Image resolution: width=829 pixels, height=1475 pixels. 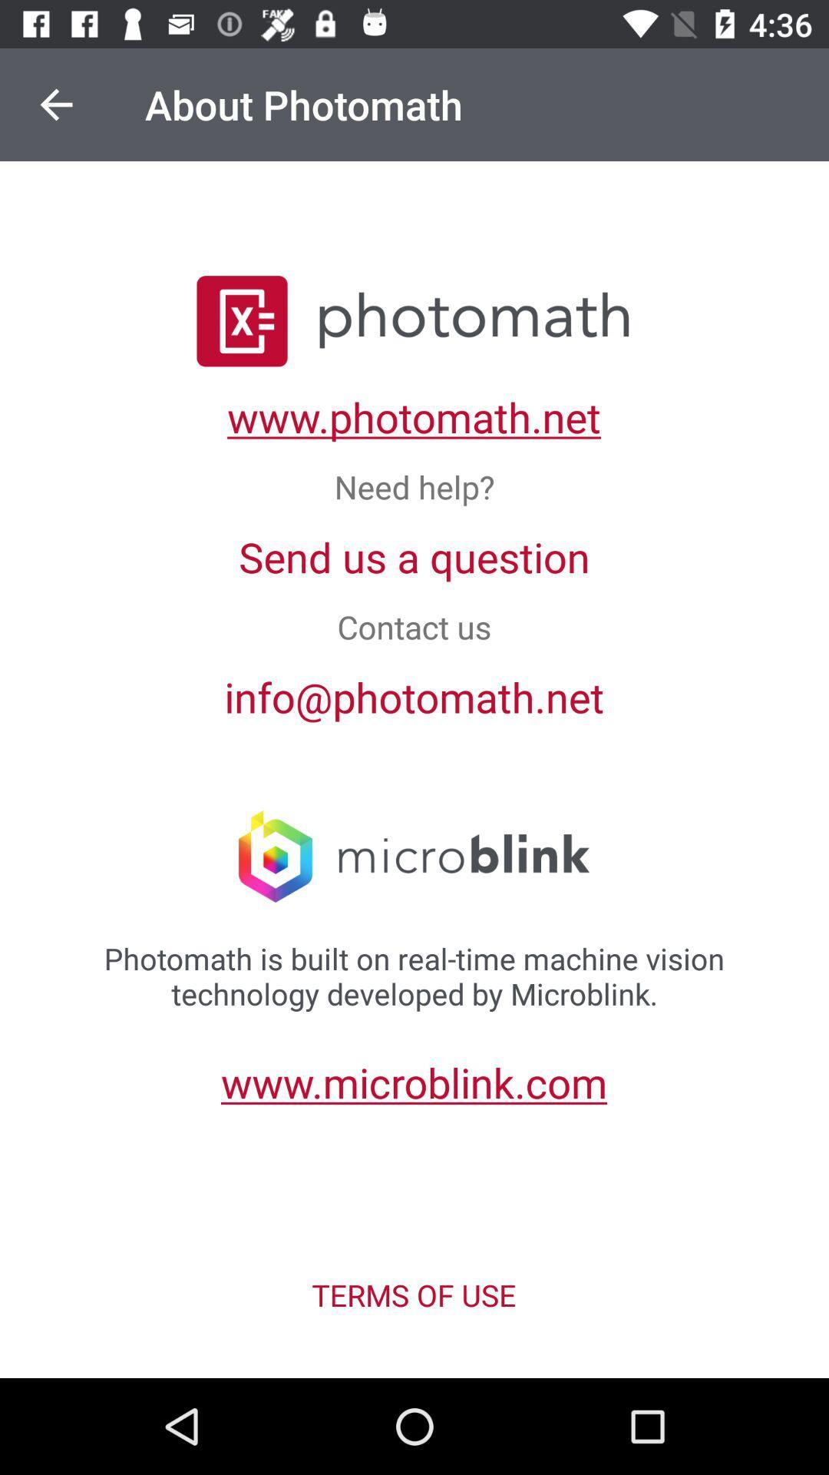 What do you see at coordinates (413, 1294) in the screenshot?
I see `terms of use item` at bounding box center [413, 1294].